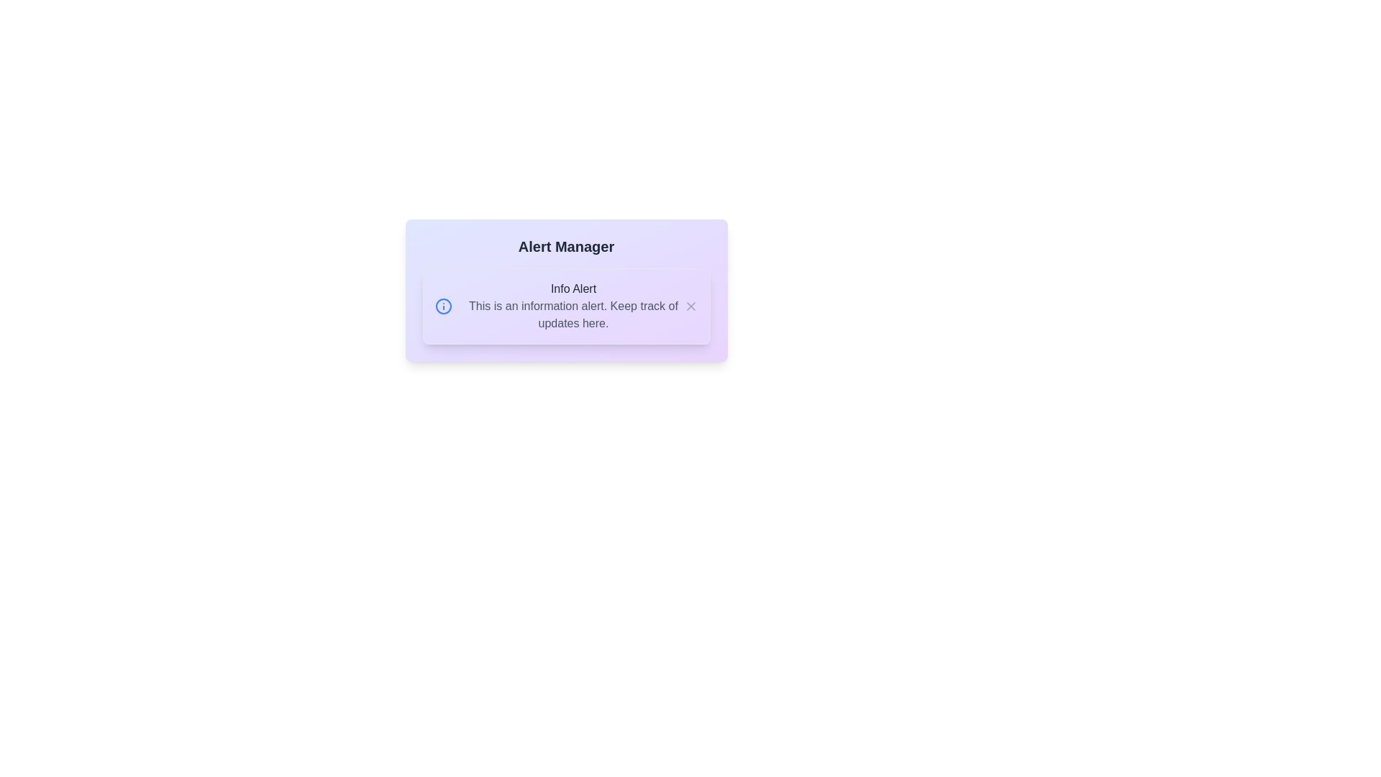 Image resolution: width=1381 pixels, height=777 pixels. What do you see at coordinates (690, 305) in the screenshot?
I see `the close button to toggle the visibility of the alert` at bounding box center [690, 305].